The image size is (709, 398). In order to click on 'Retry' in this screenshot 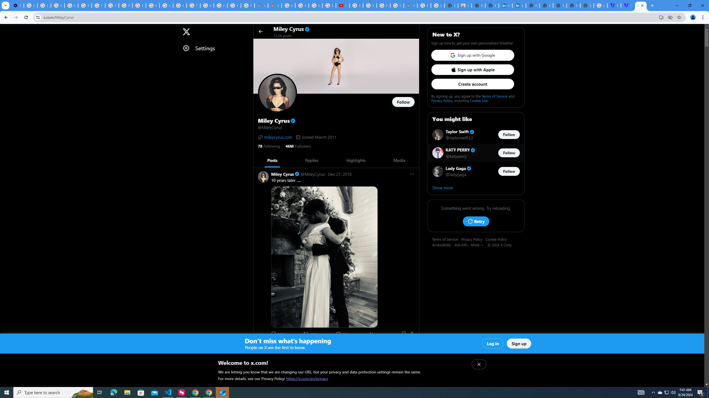, I will do `click(475, 221)`.